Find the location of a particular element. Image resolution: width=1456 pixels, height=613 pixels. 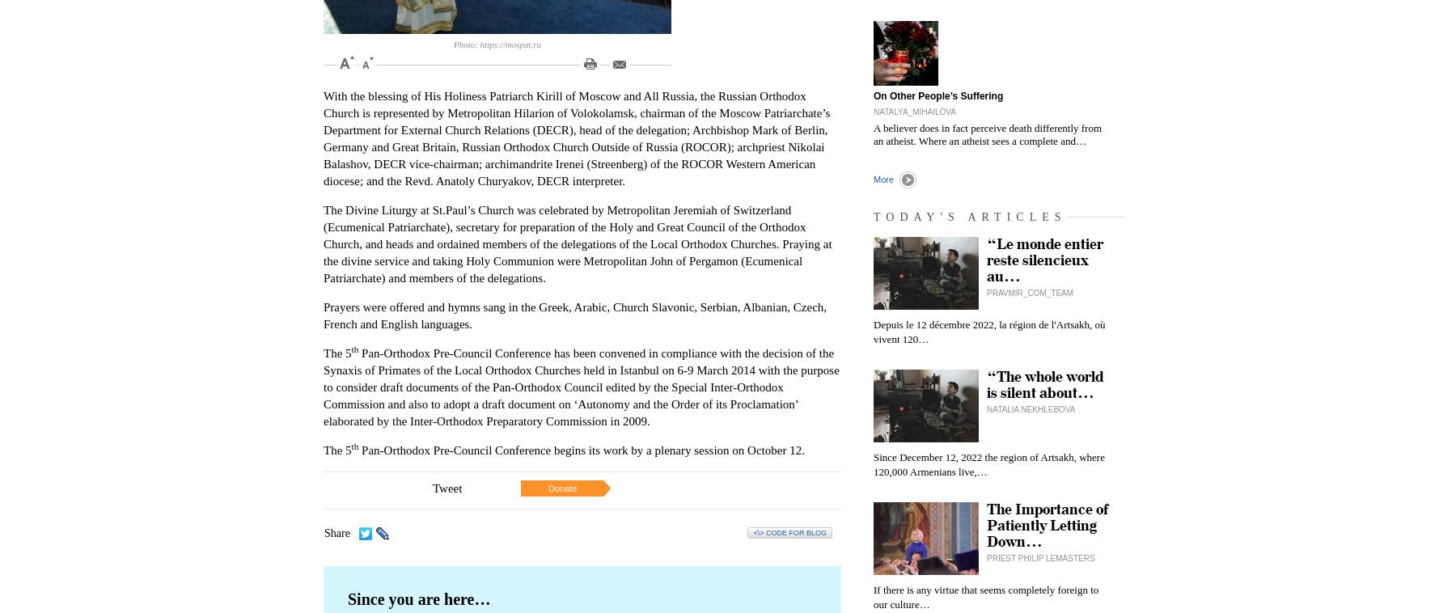

'Since December 12, 2022 the region of Artsakh, where 120,000 Armenians live,…' is located at coordinates (988, 464).